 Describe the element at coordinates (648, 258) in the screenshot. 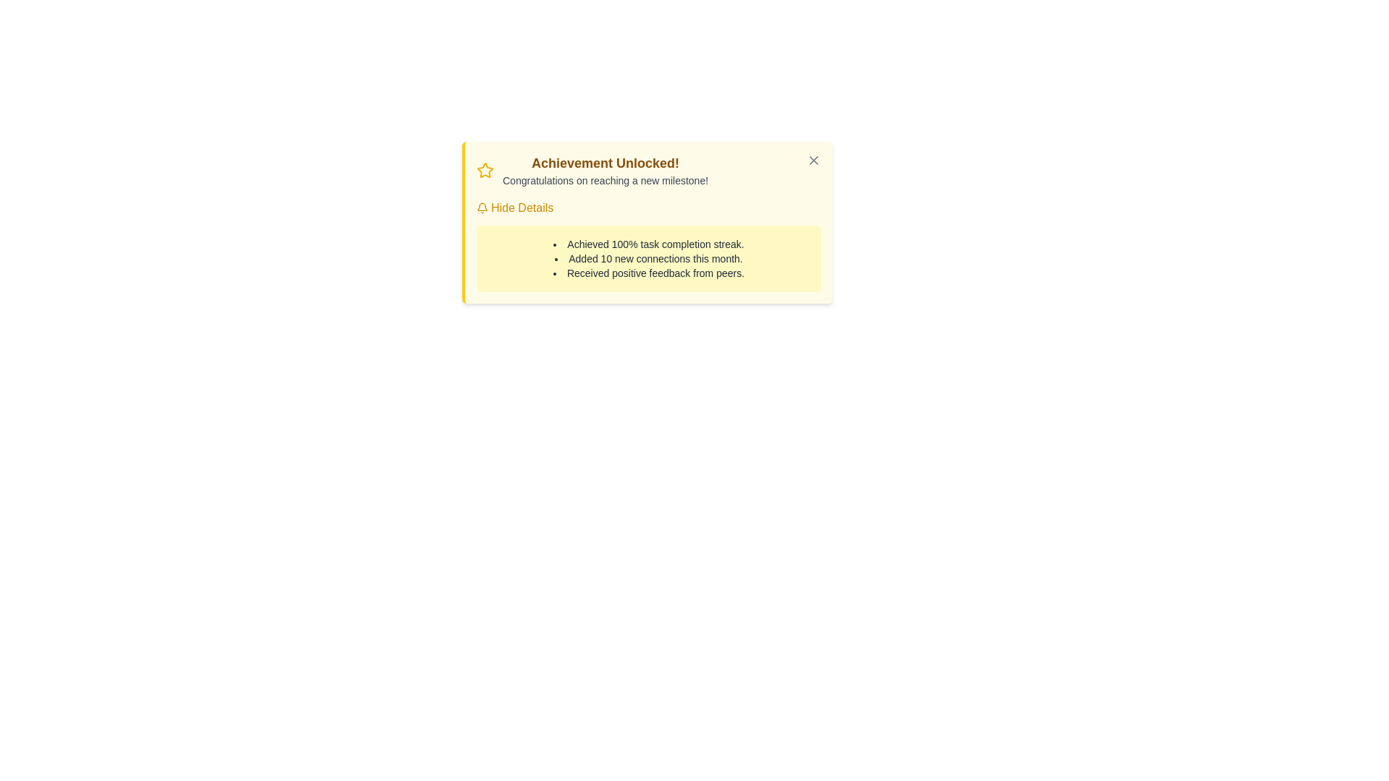

I see `text content from the Text Display Panel located in the 'Achievement Unlocked!' notification, positioned near the center-right section below the 'Hide Details' link` at that location.